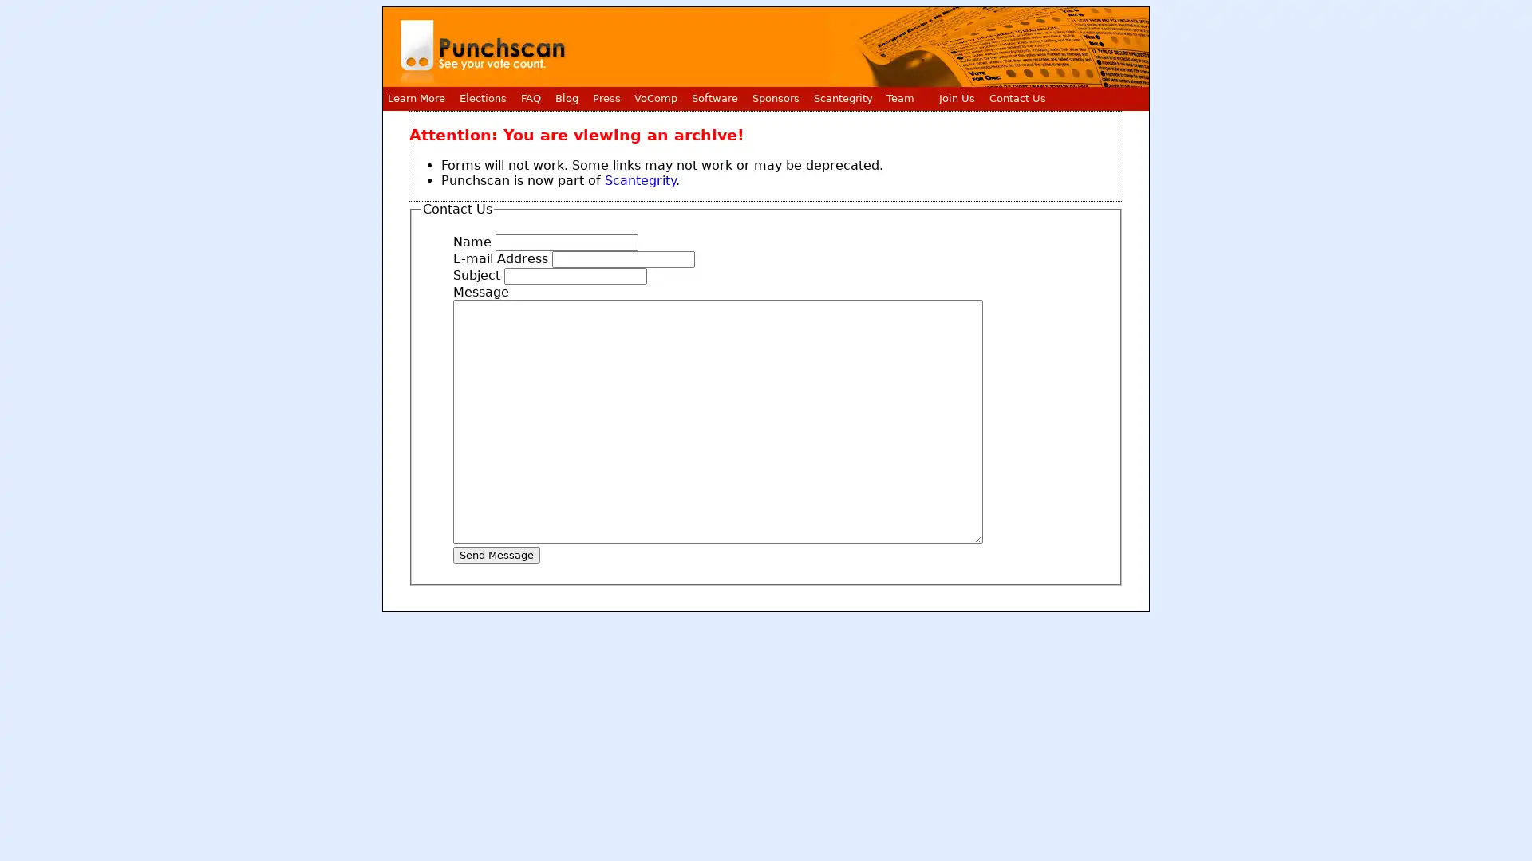  I want to click on Send Message, so click(496, 553).